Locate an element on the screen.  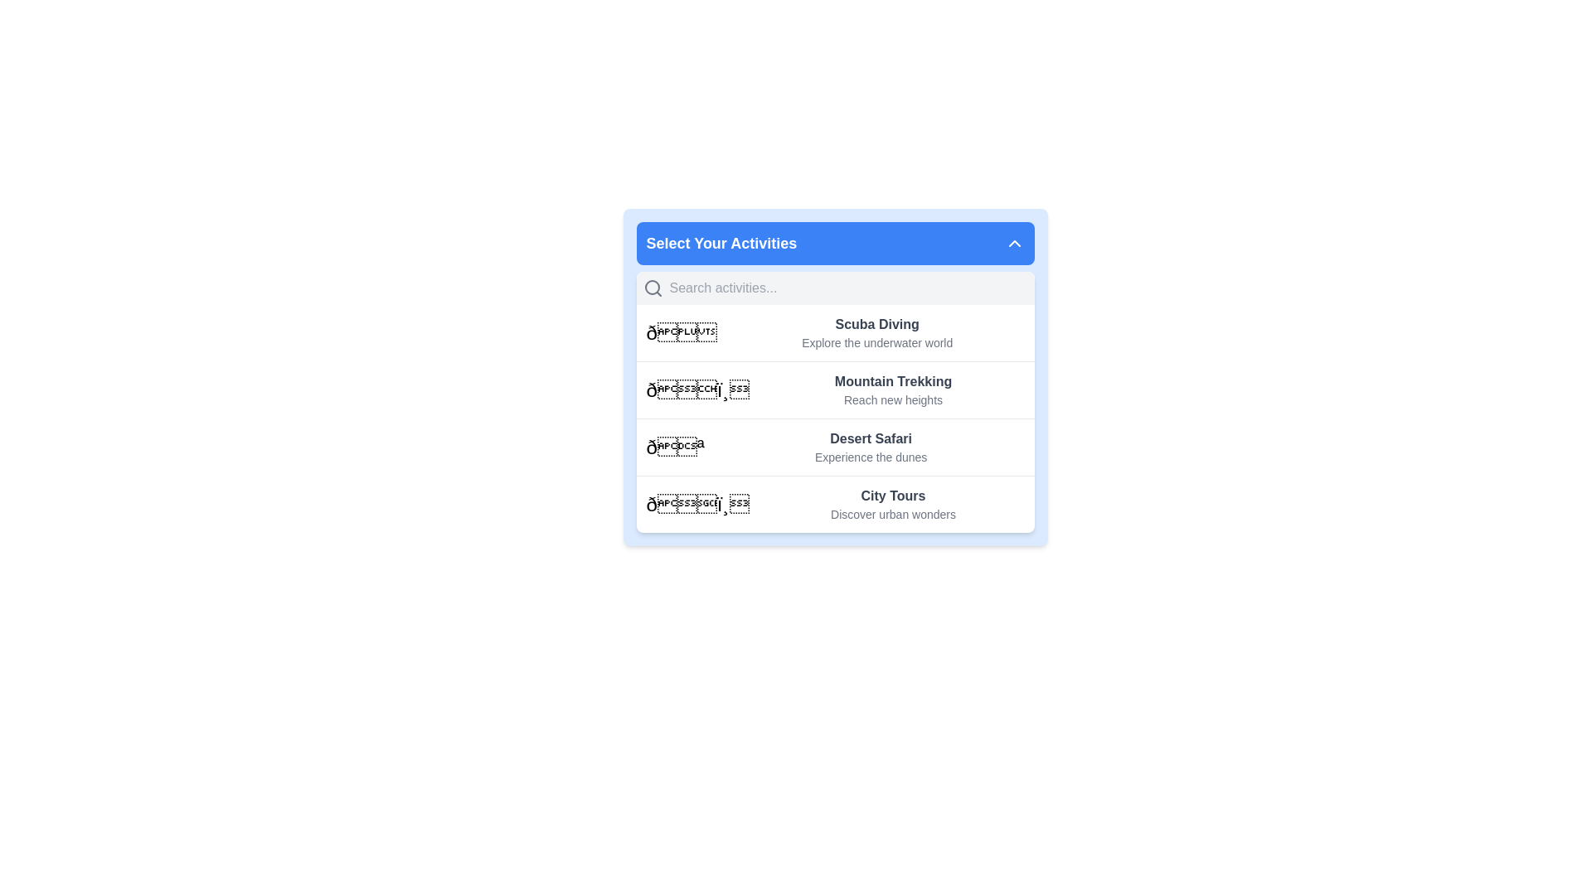
the rectangular blue button labeled 'Select Your Activities' is located at coordinates (835, 243).